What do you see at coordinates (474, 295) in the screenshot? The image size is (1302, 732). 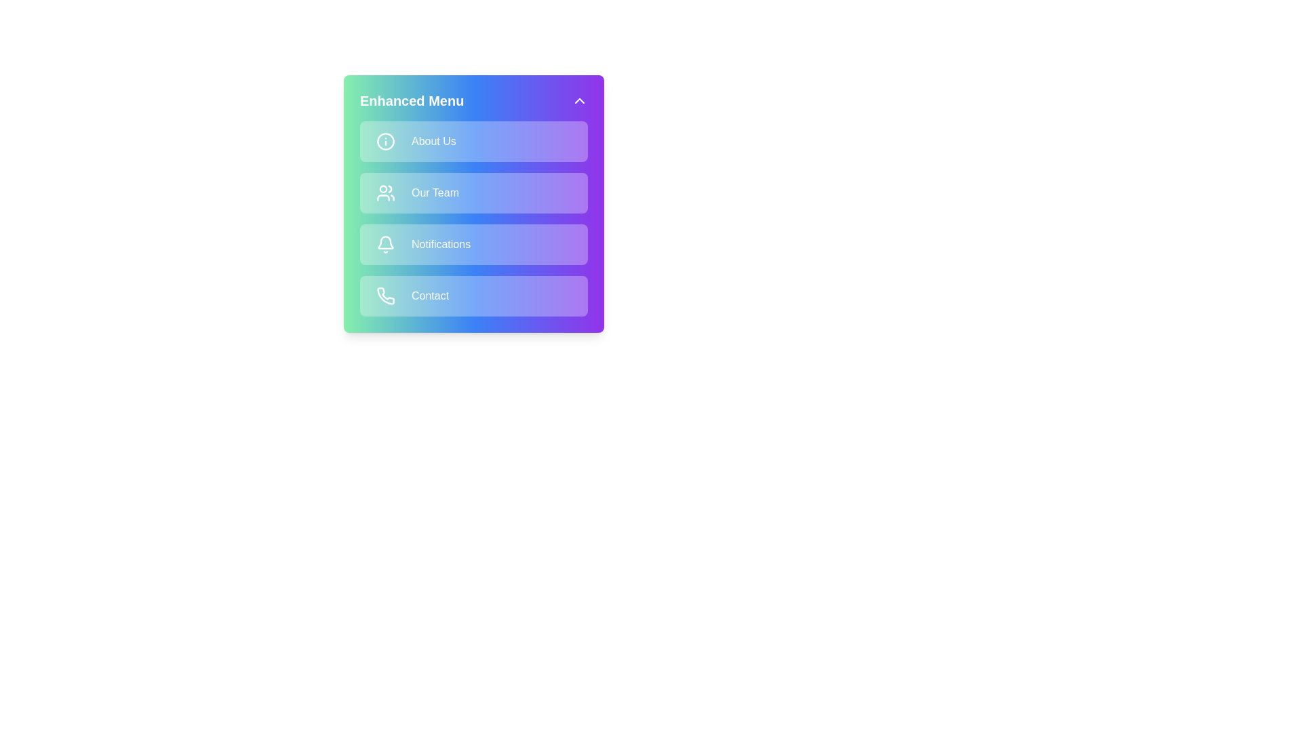 I see `the menu item Contact from the options available` at bounding box center [474, 295].